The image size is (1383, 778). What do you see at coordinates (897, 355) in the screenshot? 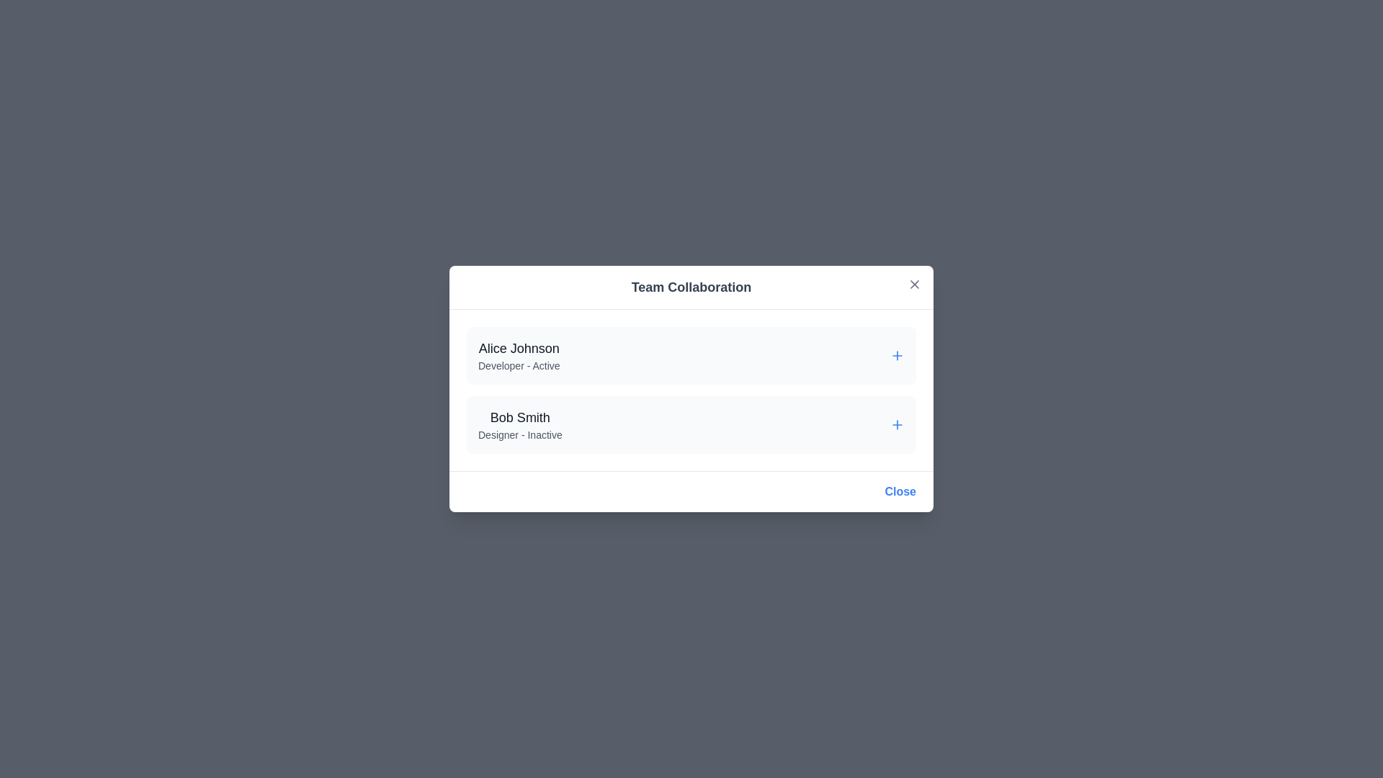
I see `'+' button next to 'Alice Johnson' to view her details` at bounding box center [897, 355].